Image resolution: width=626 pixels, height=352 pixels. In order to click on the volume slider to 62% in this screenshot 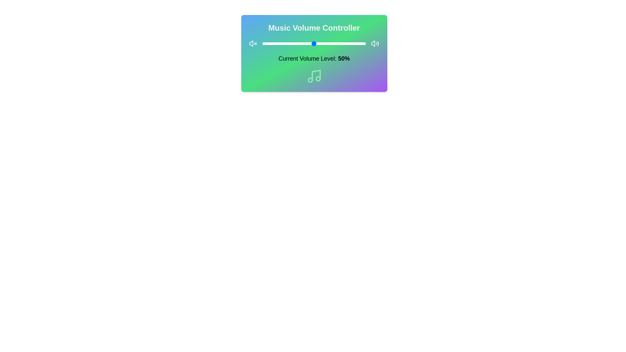, I will do `click(326, 44)`.